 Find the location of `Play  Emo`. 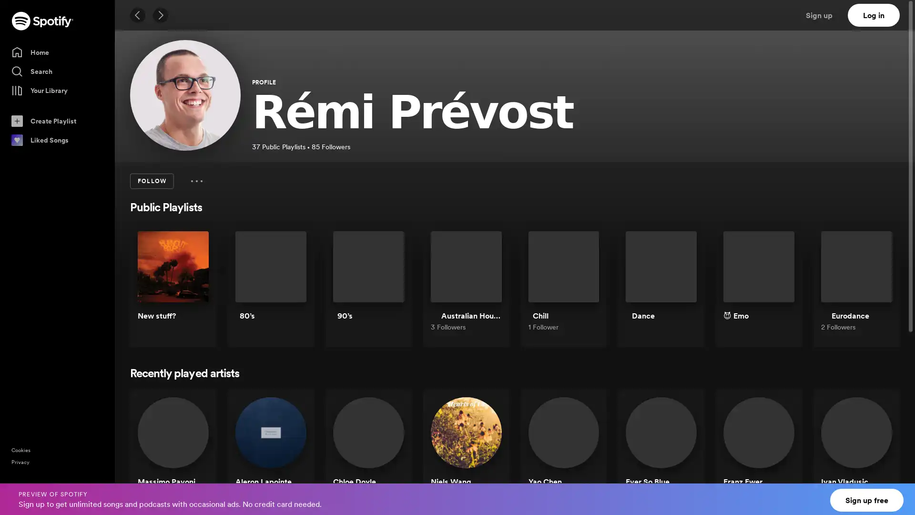

Play  Emo is located at coordinates (779, 290).